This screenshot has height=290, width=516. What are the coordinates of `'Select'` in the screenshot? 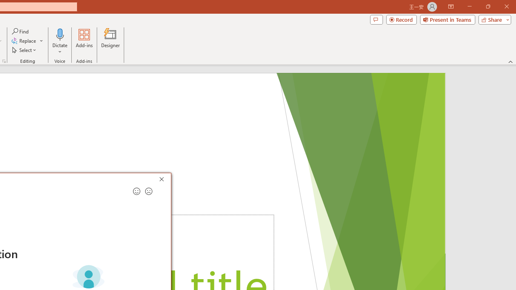 It's located at (25, 50).